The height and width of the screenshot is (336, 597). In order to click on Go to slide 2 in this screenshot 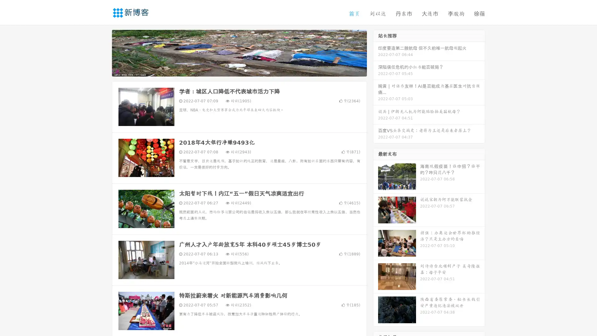, I will do `click(239, 70)`.